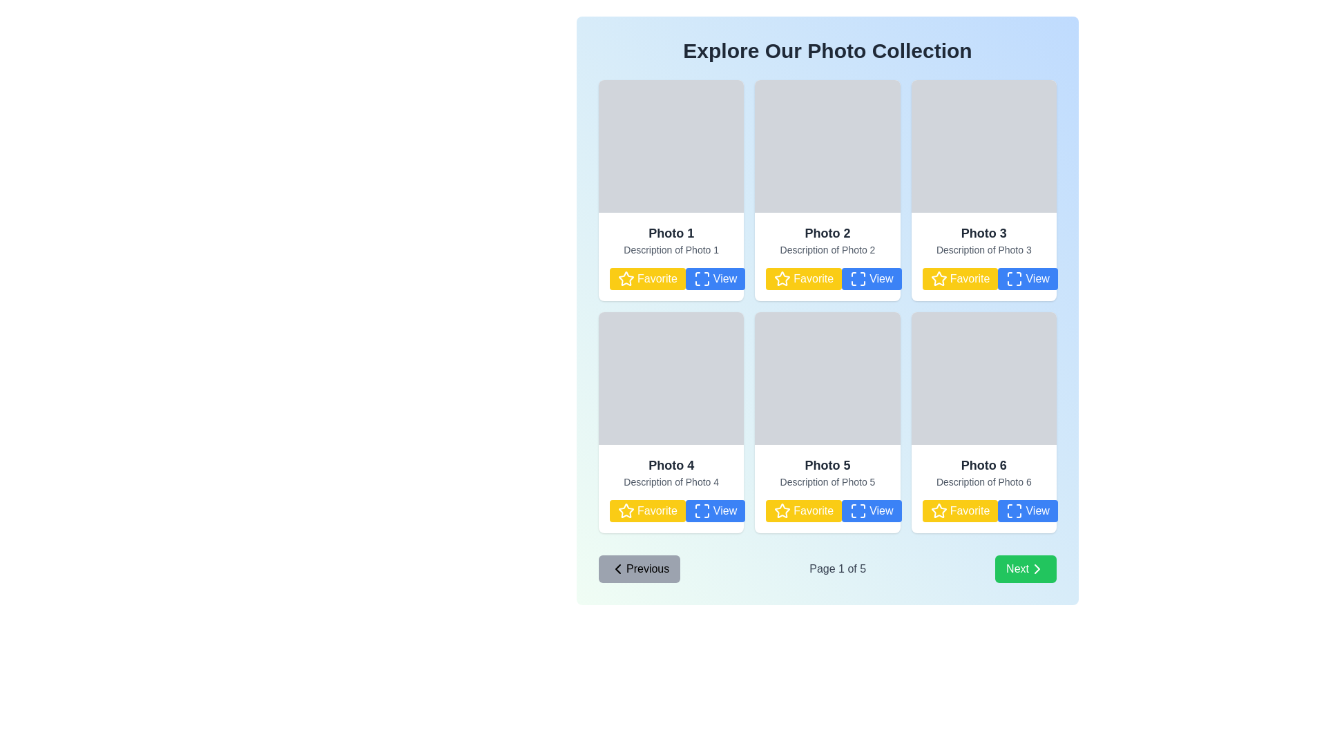 This screenshot has height=746, width=1326. Describe the element at coordinates (827, 146) in the screenshot. I see `the image placeholder located in the upper-middle section of the interface, which has a light gray background and rounded corners, as part of the second card labeled 'Photo 2'` at that location.